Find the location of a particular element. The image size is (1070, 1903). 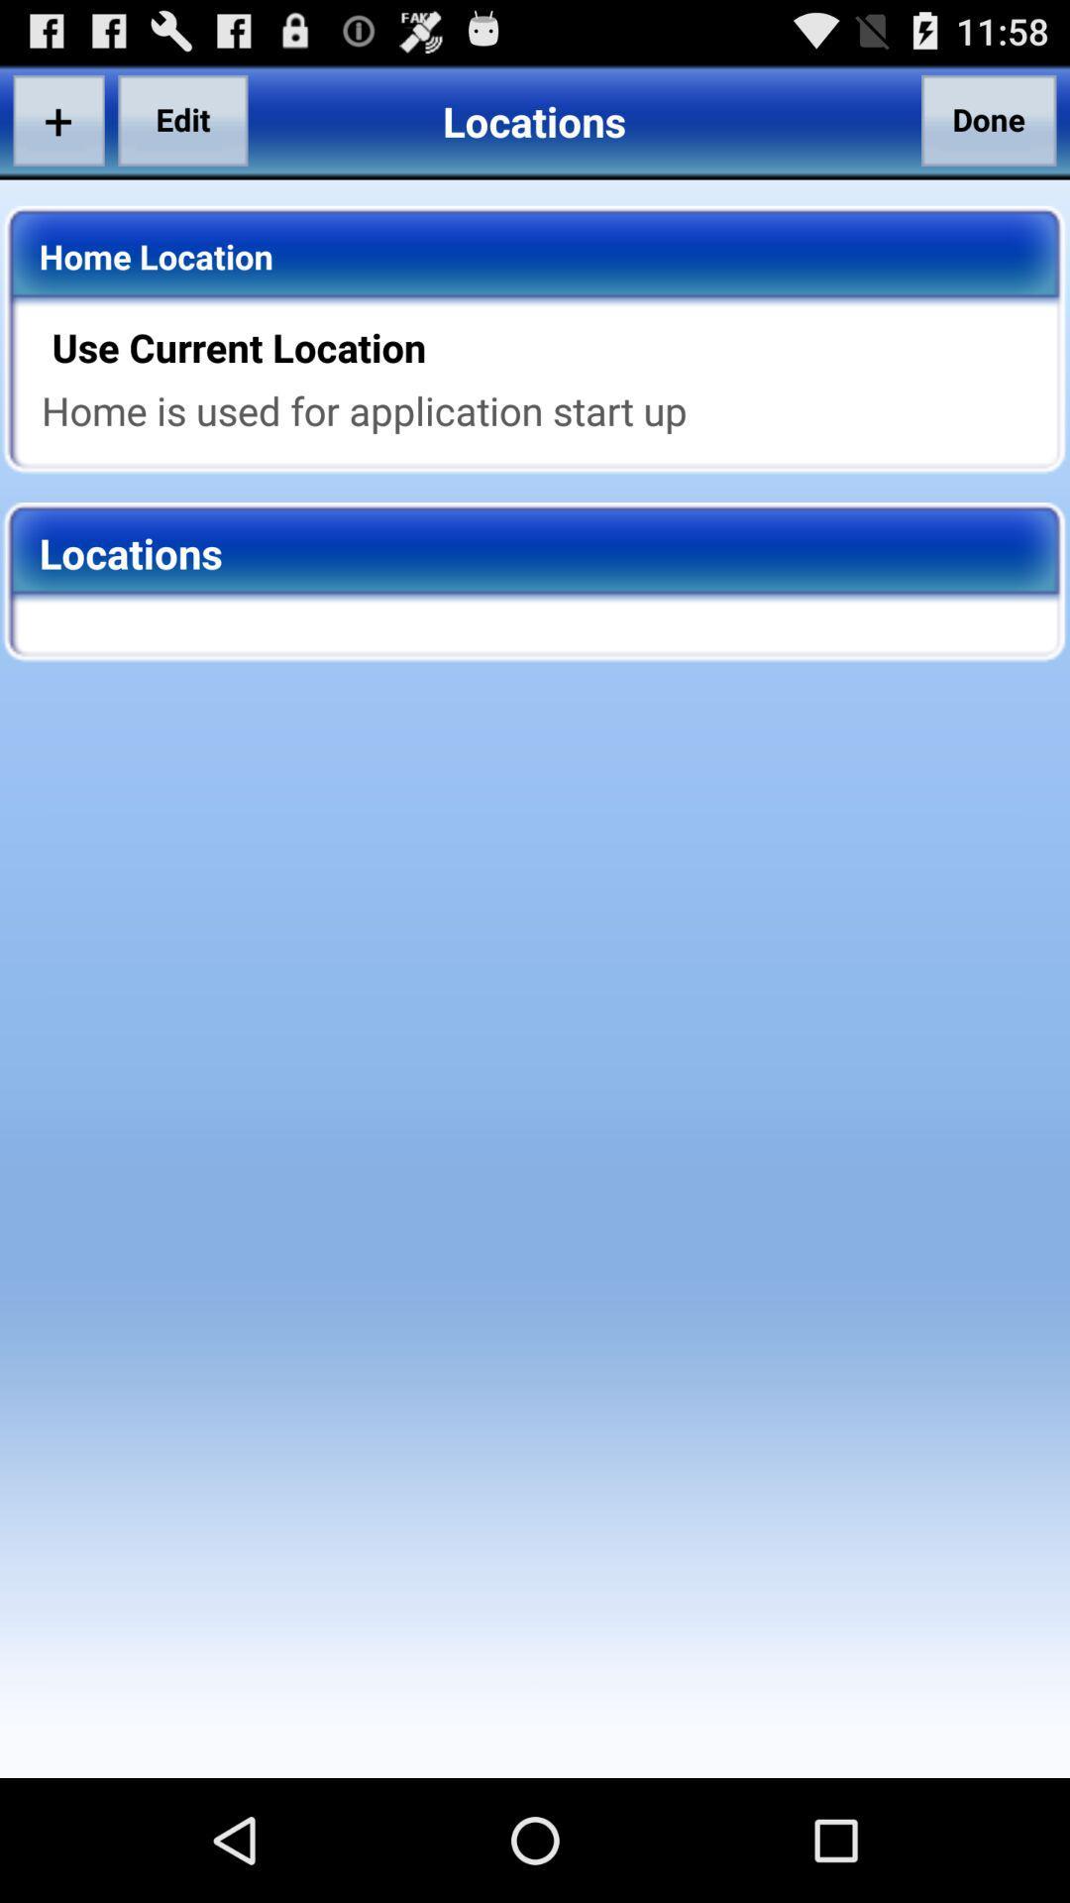

the use current location item is located at coordinates (548, 347).